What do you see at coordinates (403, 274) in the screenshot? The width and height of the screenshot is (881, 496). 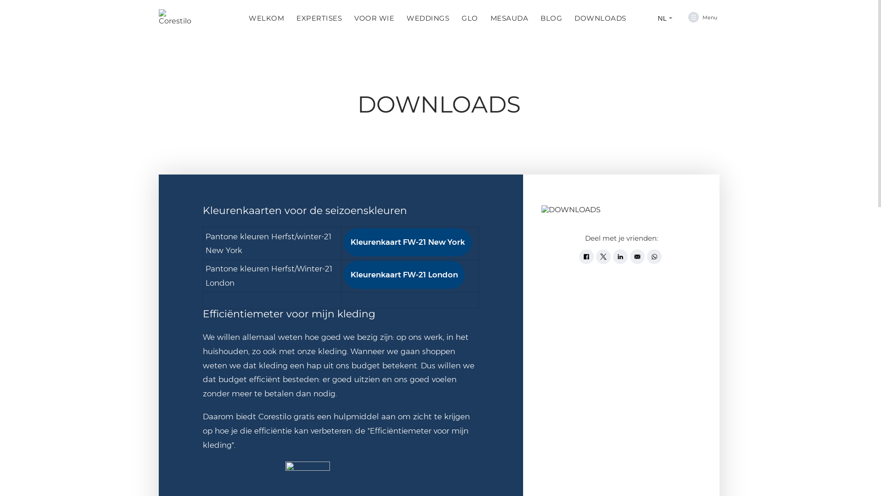 I see `'Kleurenkaart FW-21 London'` at bounding box center [403, 274].